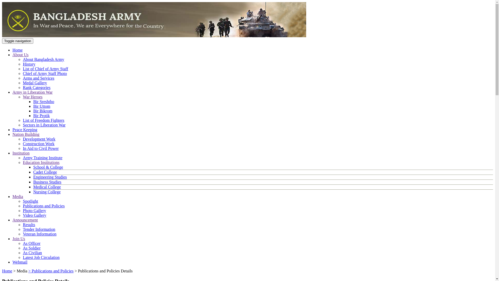 The height and width of the screenshot is (281, 499). What do you see at coordinates (47, 187) in the screenshot?
I see `'Medical College'` at bounding box center [47, 187].